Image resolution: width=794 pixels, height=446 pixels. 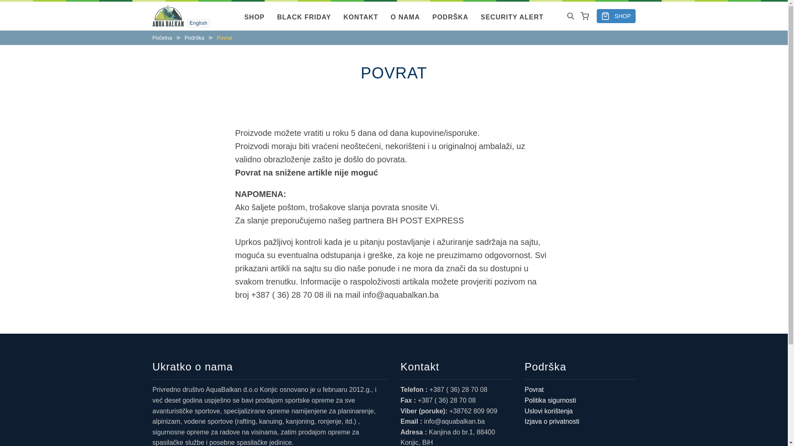 What do you see at coordinates (512, 17) in the screenshot?
I see `'SECURITY ALERT'` at bounding box center [512, 17].